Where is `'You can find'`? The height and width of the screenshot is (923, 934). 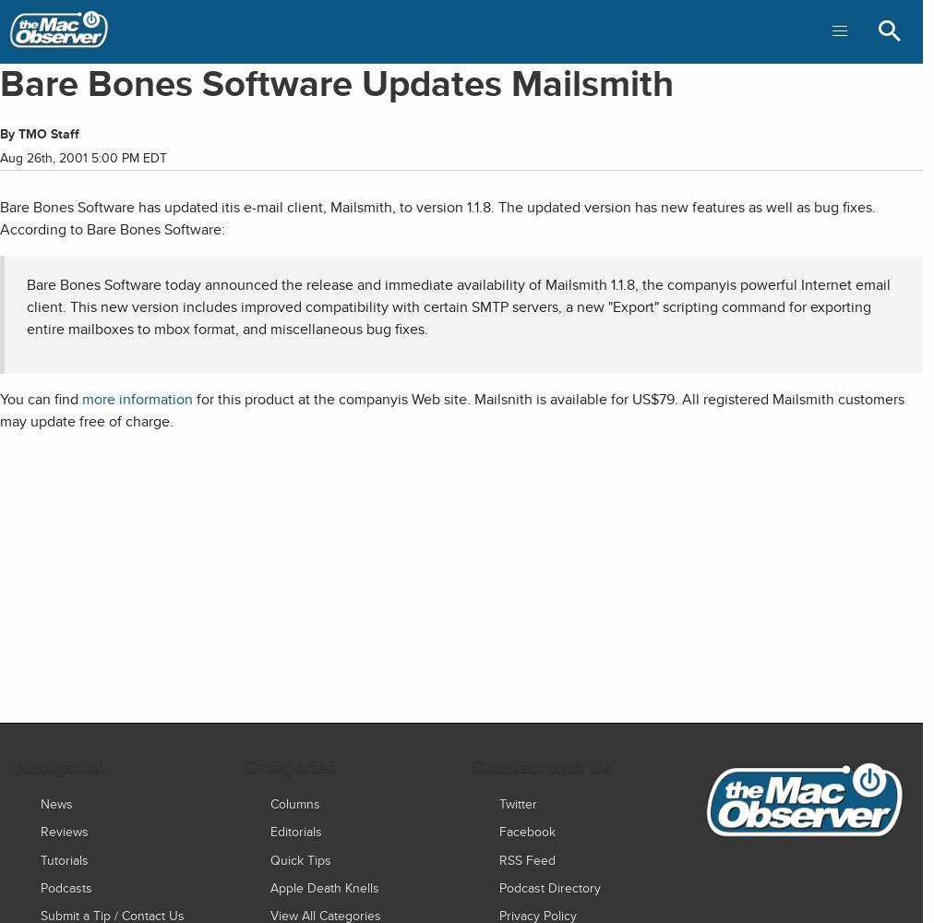
'You can find' is located at coordinates (40, 399).